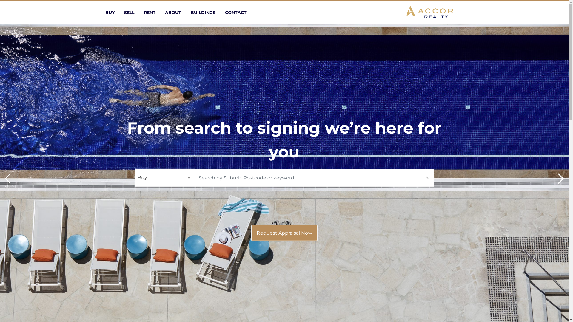  Describe the element at coordinates (150, 13) in the screenshot. I see `'RENT'` at that location.